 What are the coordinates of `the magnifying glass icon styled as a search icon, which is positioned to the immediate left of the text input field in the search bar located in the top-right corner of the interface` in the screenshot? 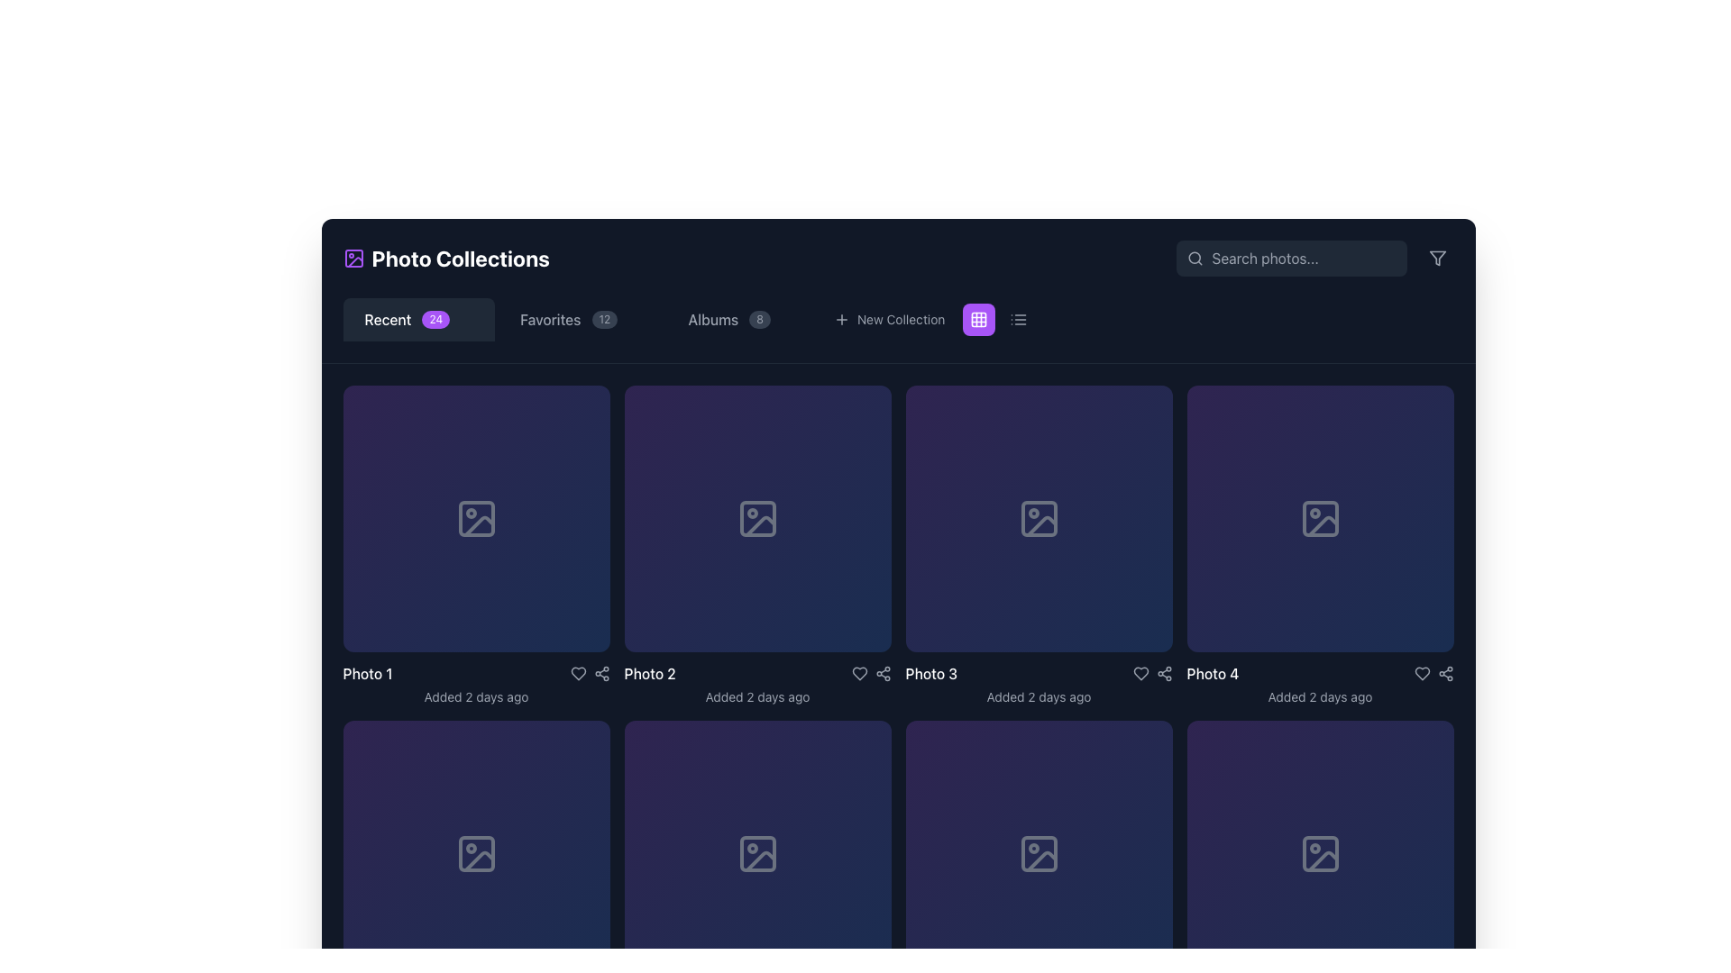 It's located at (1195, 258).